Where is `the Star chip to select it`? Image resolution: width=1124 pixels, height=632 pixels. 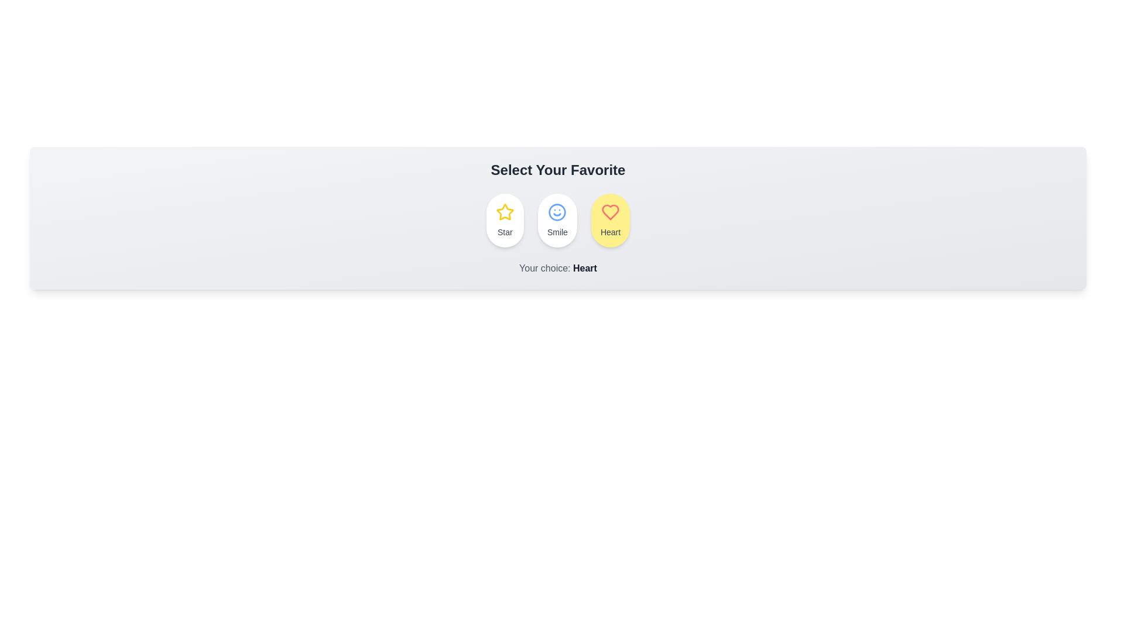 the Star chip to select it is located at coordinates (505, 221).